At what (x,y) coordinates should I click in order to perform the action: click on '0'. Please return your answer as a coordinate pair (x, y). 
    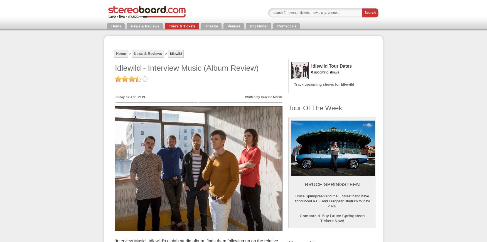
    Looking at the image, I should click on (312, 72).